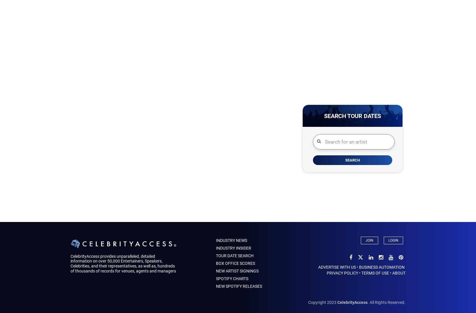 Image resolution: width=476 pixels, height=313 pixels. Describe the element at coordinates (324, 115) in the screenshot. I see `'Search Tour Dates'` at that location.